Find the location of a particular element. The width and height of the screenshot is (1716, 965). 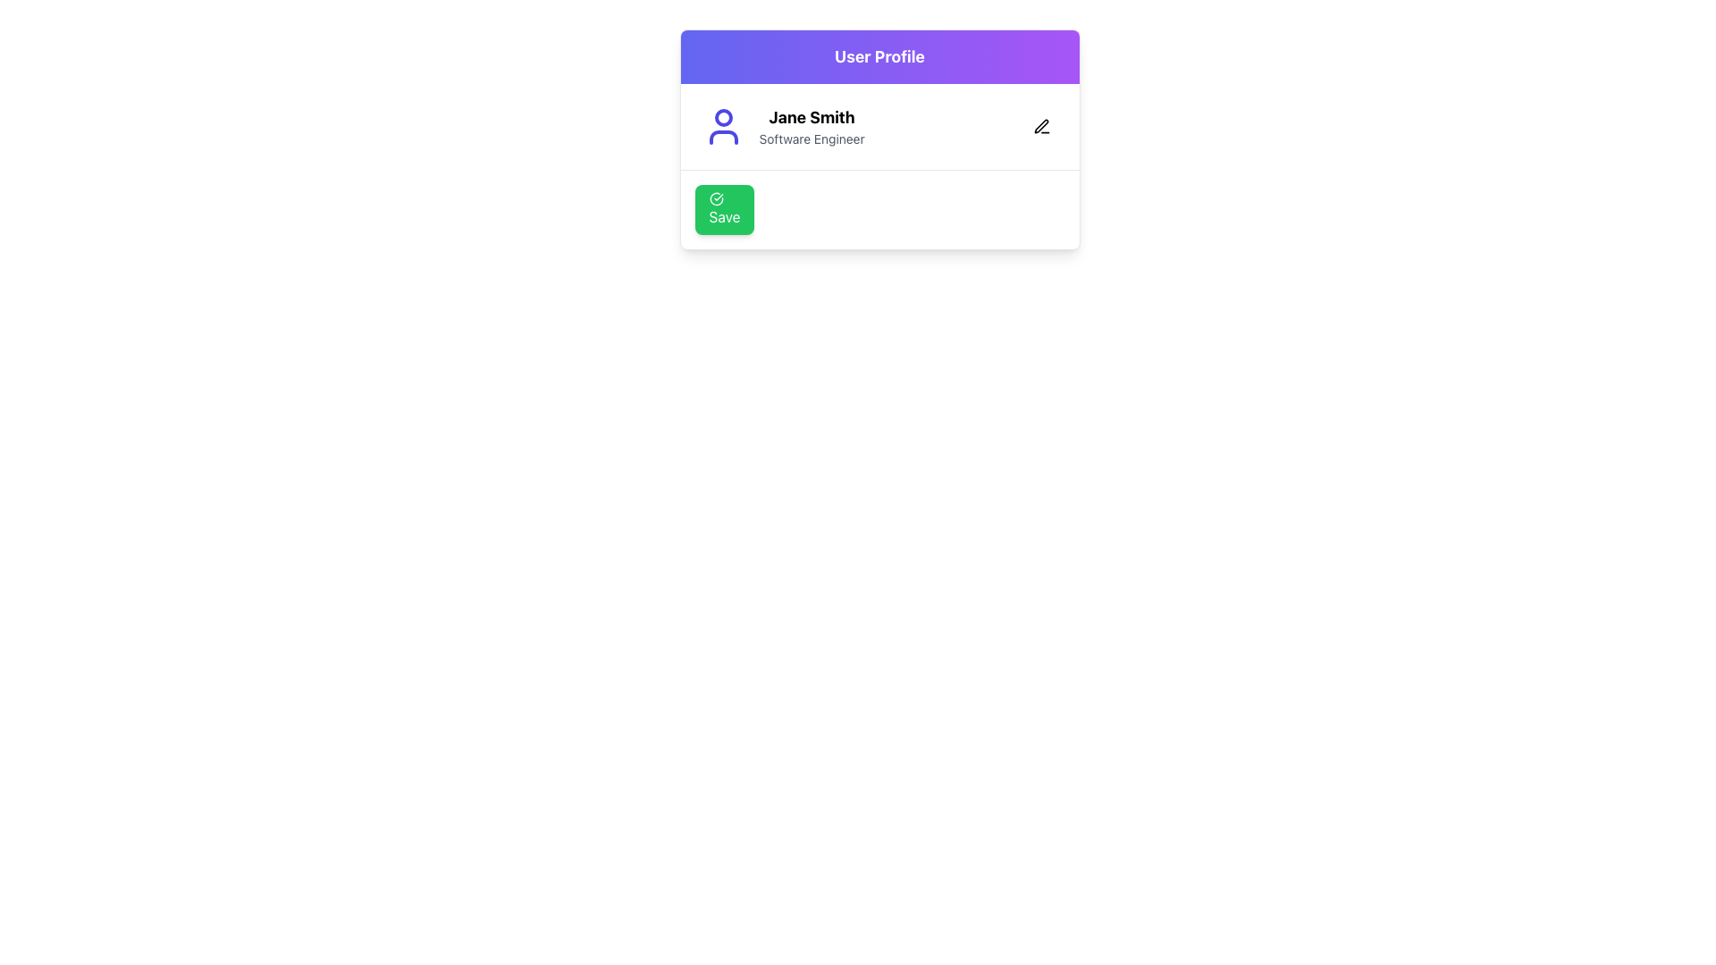

the circular graphic element located at the center of the user's avatar icon, which is above the user name label and to the left of the edit icon is located at coordinates (723, 117).